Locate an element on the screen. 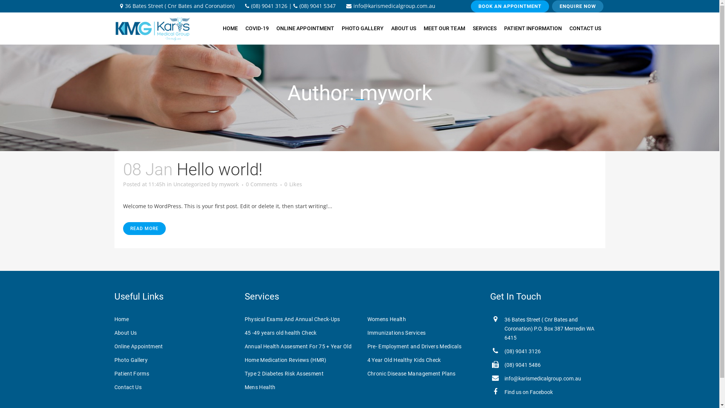 Image resolution: width=725 pixels, height=408 pixels. 'PATIENT INFORMATION' is located at coordinates (532, 28).